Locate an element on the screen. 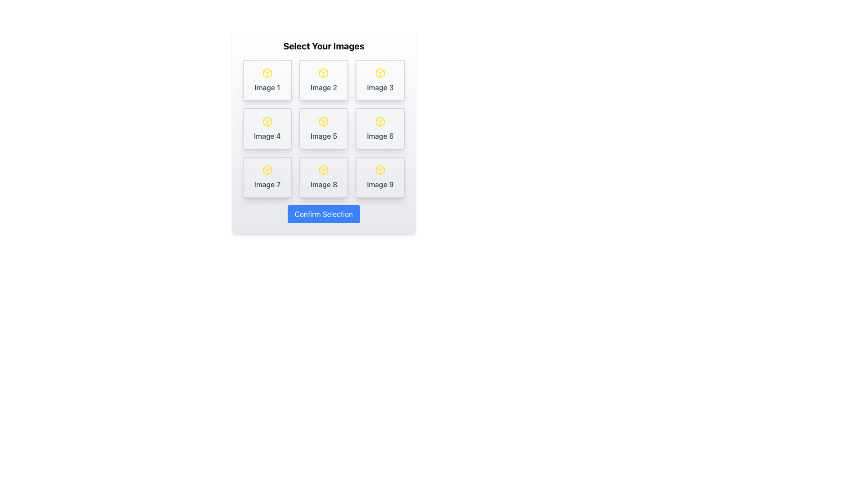  the selectable card labeled 'Image 3' located in the top-right corner of the 3x3 grid is located at coordinates (380, 79).